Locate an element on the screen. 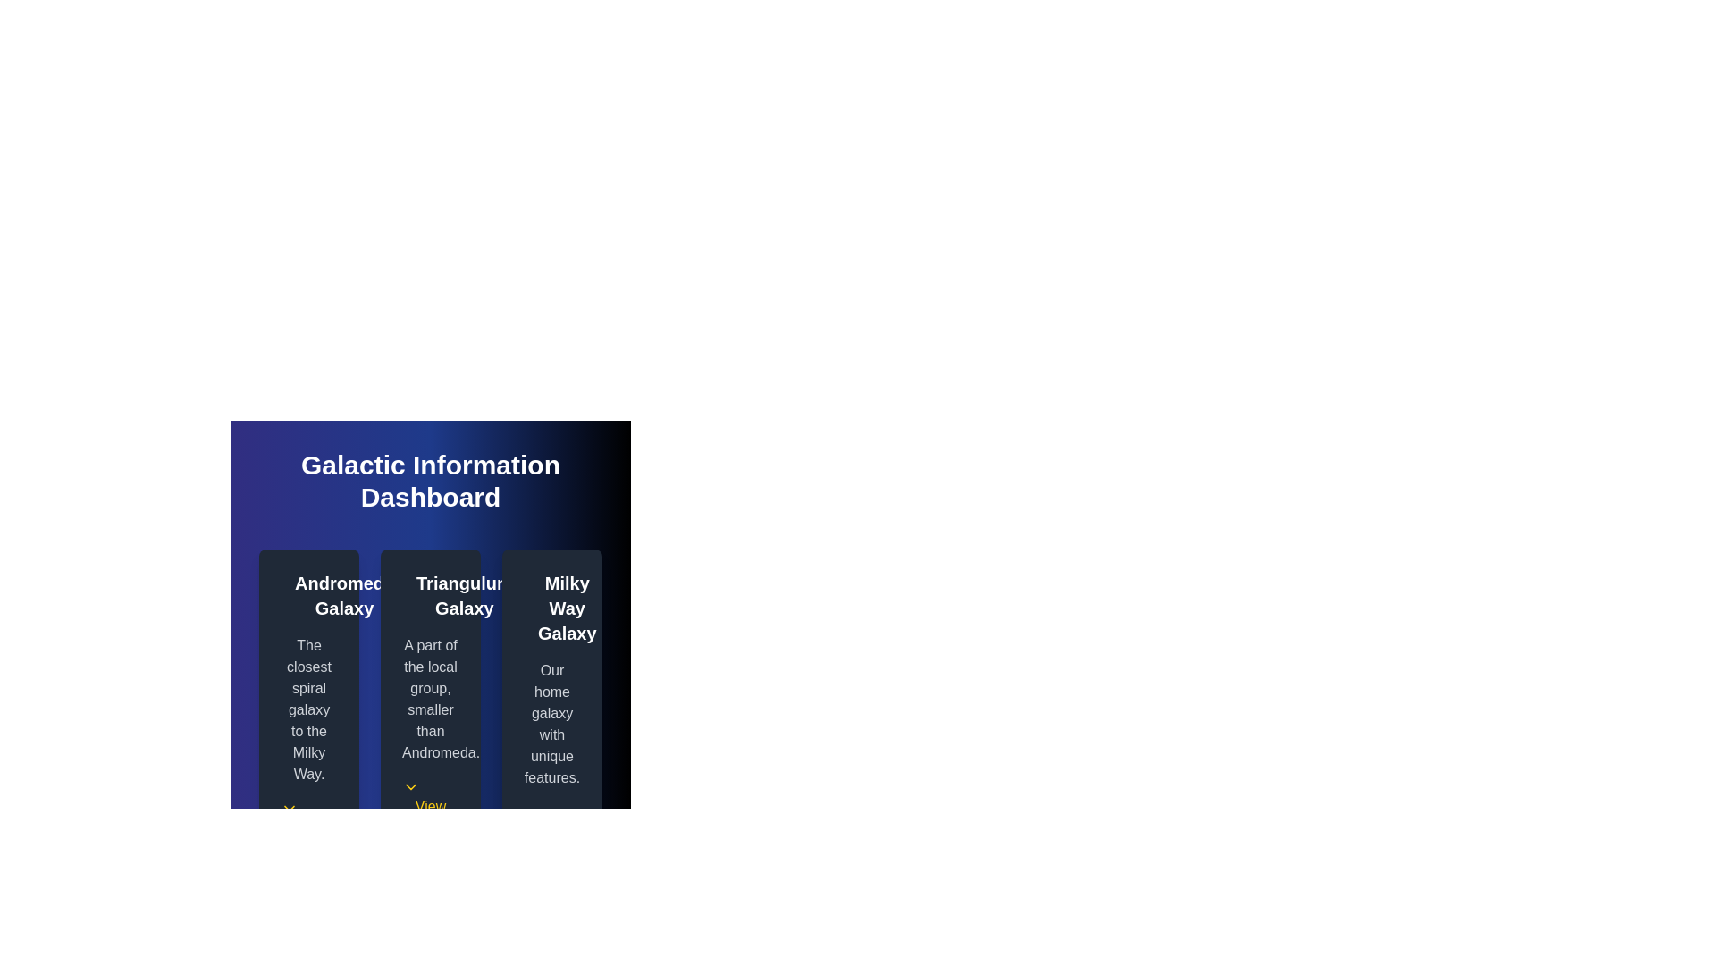  text heading 'Andromeda Galaxy' located at the top-left quadrant of the card component with a dark background is located at coordinates (308, 596).